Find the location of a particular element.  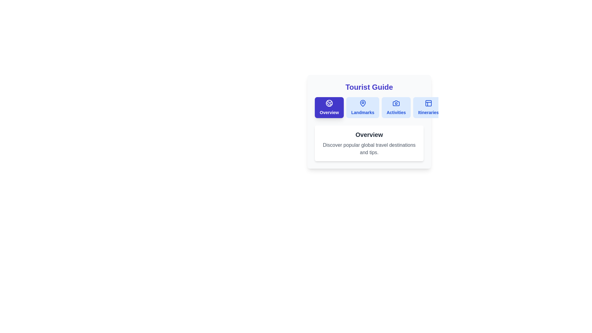

the Overview tab is located at coordinates (329, 107).